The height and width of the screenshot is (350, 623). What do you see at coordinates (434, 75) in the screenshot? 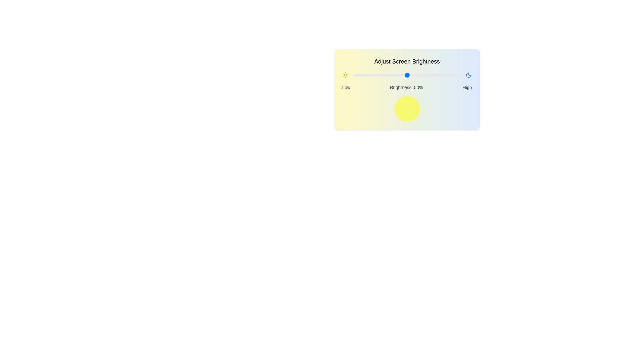
I see `the brightness slider to 76%` at bounding box center [434, 75].